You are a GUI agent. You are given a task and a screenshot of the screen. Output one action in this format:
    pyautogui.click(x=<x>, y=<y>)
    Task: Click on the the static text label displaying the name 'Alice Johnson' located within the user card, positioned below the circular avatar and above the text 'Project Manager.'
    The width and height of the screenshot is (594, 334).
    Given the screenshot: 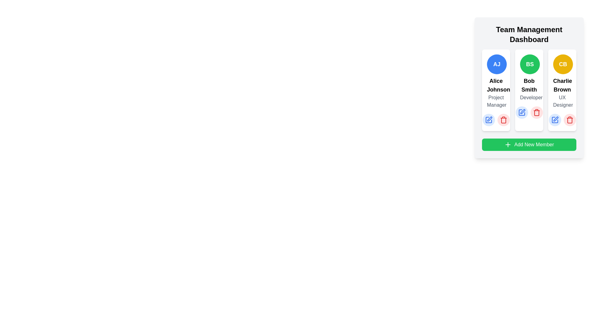 What is the action you would take?
    pyautogui.click(x=496, y=85)
    